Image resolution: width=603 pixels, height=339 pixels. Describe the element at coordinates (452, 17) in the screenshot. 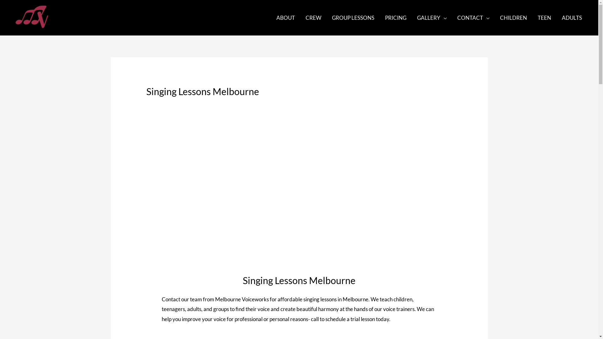

I see `'CONTACT'` at that location.